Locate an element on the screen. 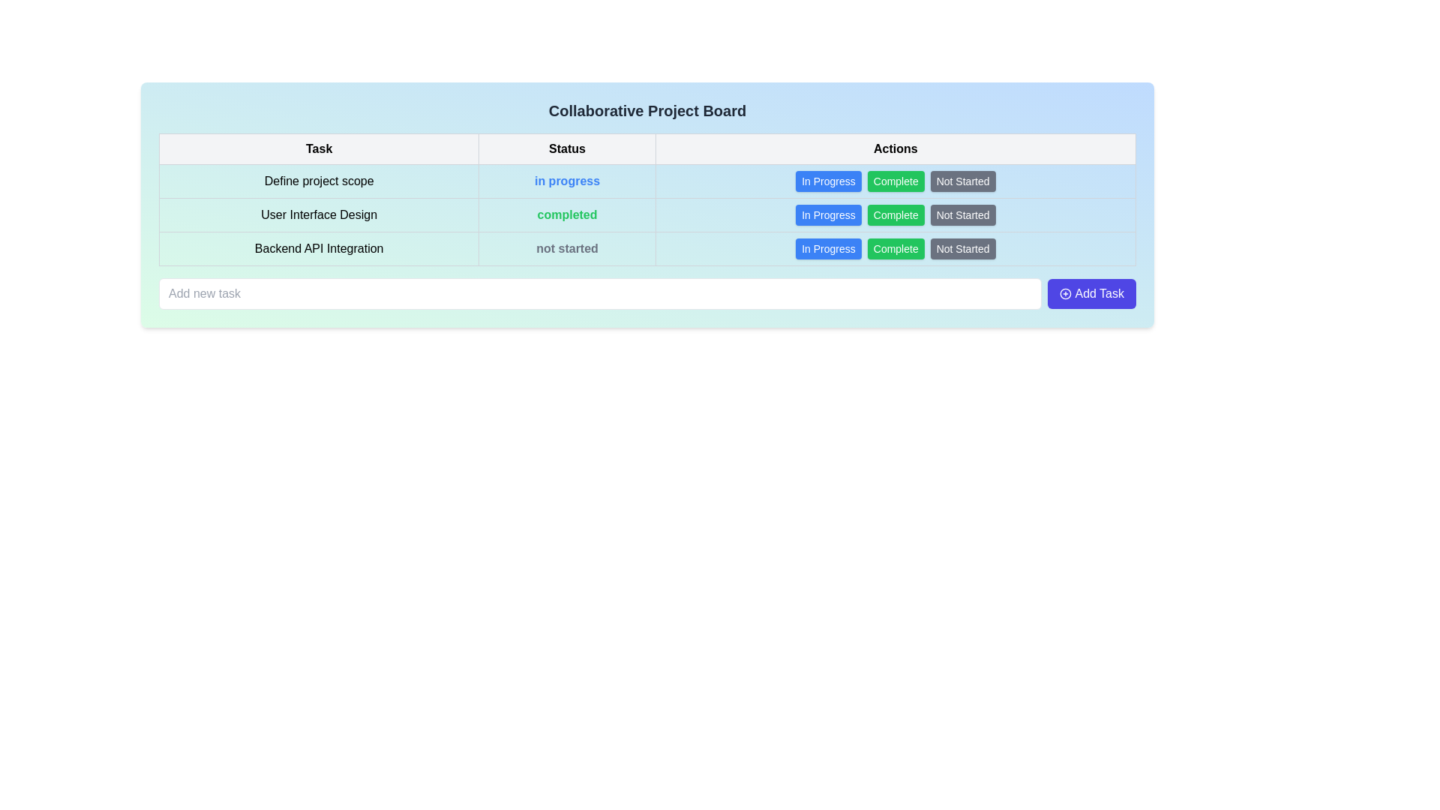  the rectangular blue button labeled 'Add Task' with a plus sign icon is located at coordinates (1092, 294).